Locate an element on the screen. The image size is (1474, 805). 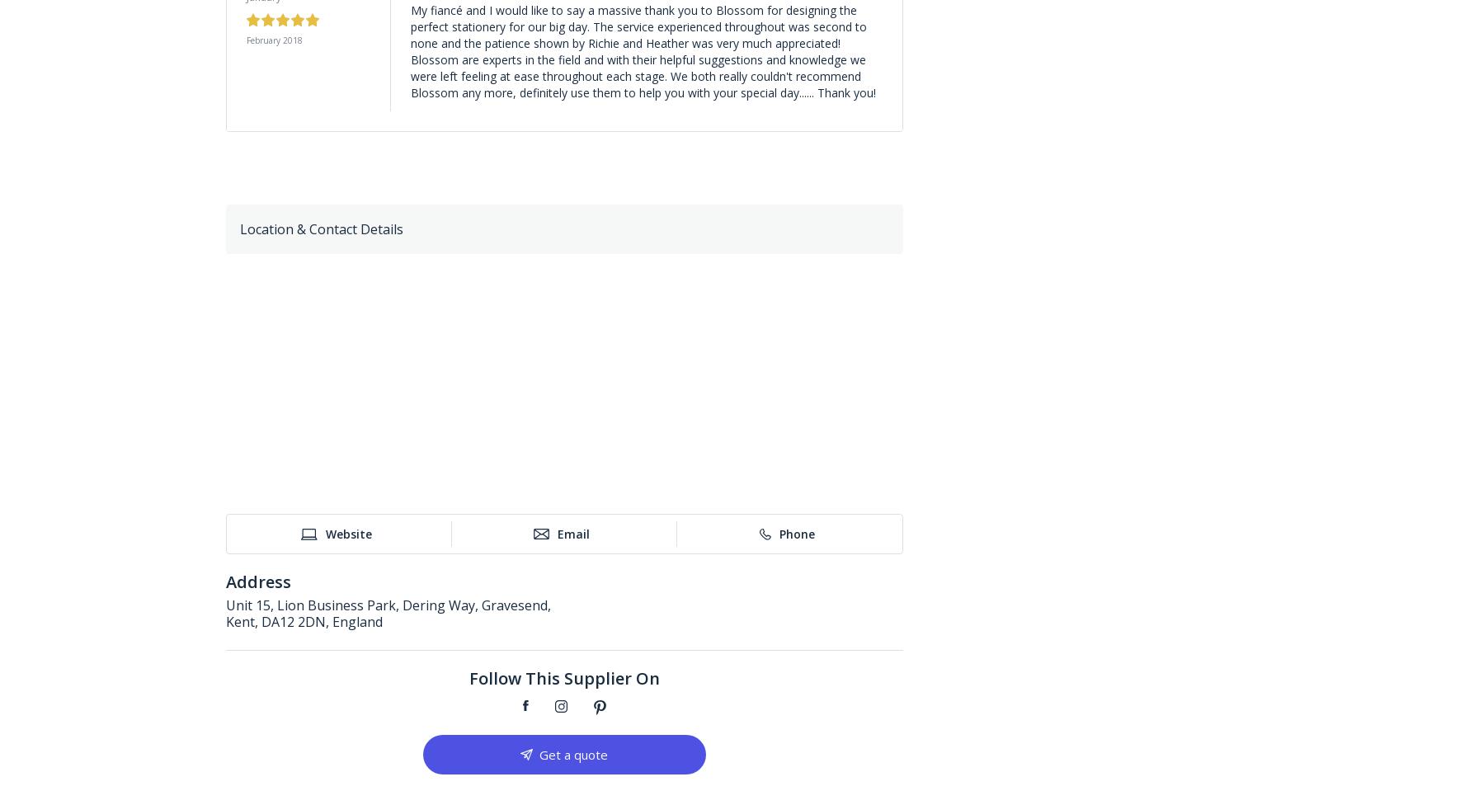
'Phone' is located at coordinates (796, 532).